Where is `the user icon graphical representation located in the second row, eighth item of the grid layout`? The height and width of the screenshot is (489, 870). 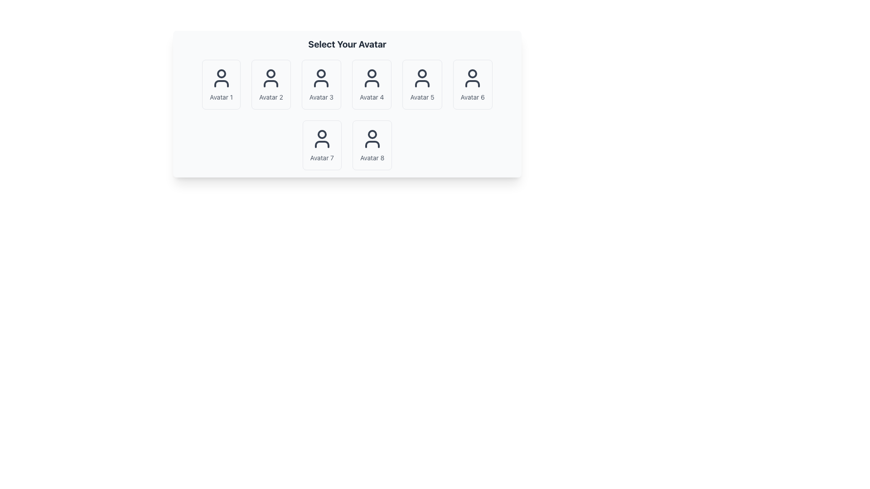
the user icon graphical representation located in the second row, eighth item of the grid layout is located at coordinates (372, 144).